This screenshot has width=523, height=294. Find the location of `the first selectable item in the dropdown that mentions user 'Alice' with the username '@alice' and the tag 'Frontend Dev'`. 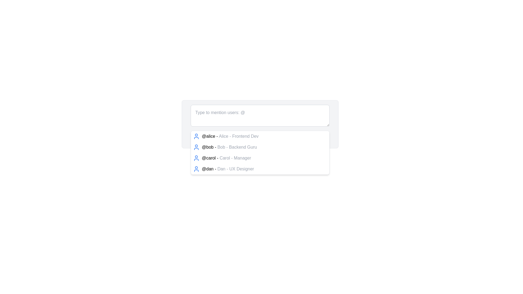

the first selectable item in the dropdown that mentions user 'Alice' with the username '@alice' and the tag 'Frontend Dev' is located at coordinates (230, 136).